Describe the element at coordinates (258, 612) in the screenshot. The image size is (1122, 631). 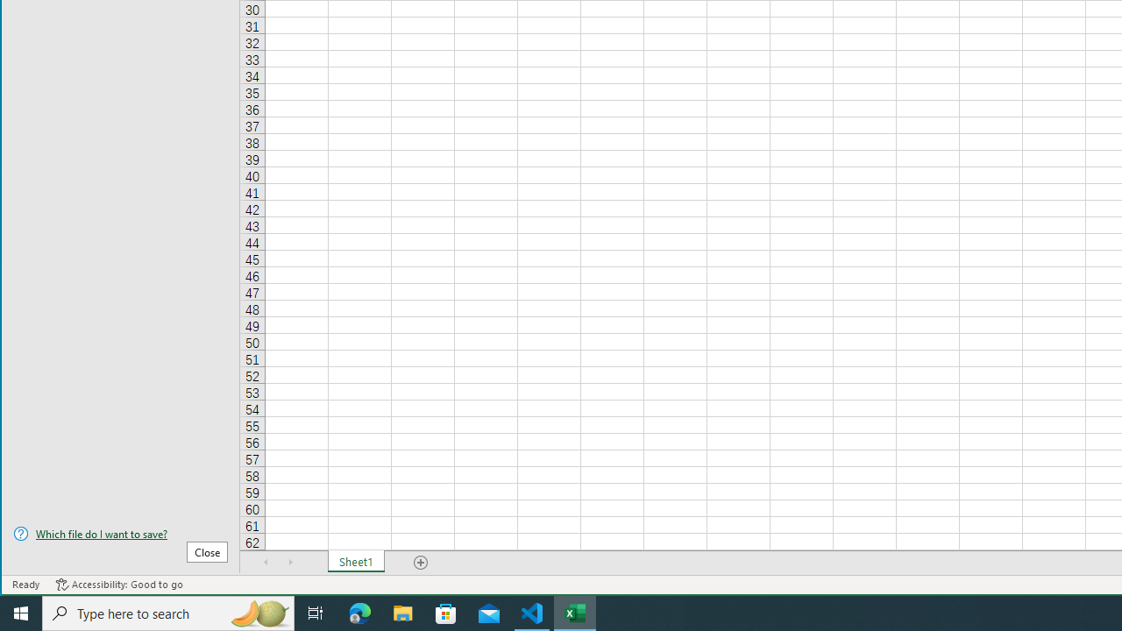
I see `'Search highlights icon opens search home window'` at that location.